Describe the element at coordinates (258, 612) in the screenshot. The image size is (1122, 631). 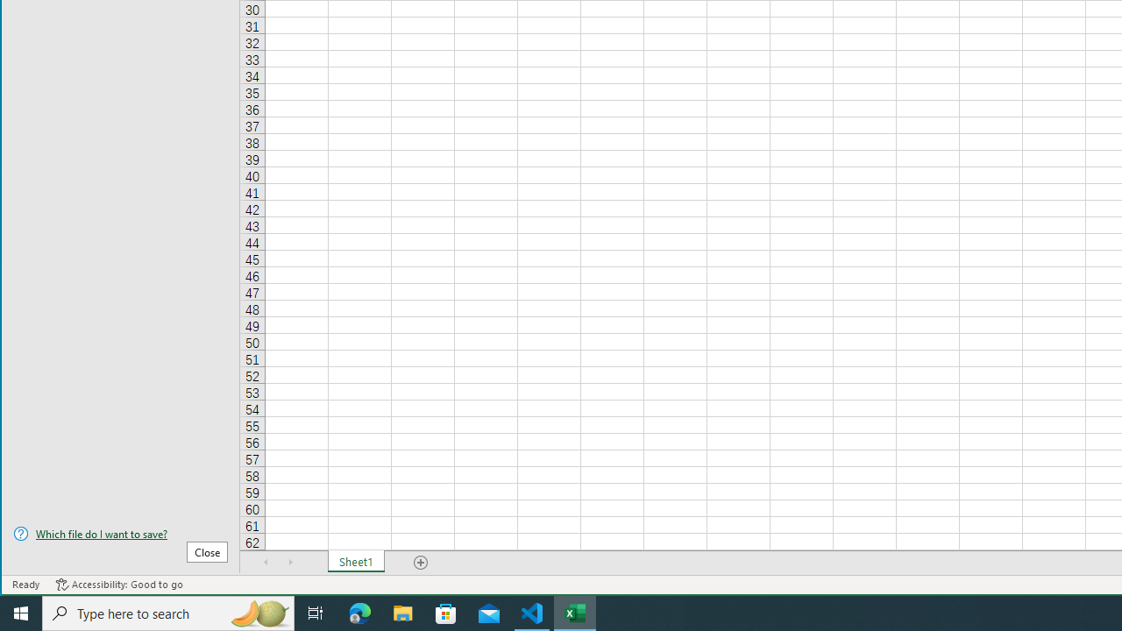
I see `'Search highlights icon opens search home window'` at that location.